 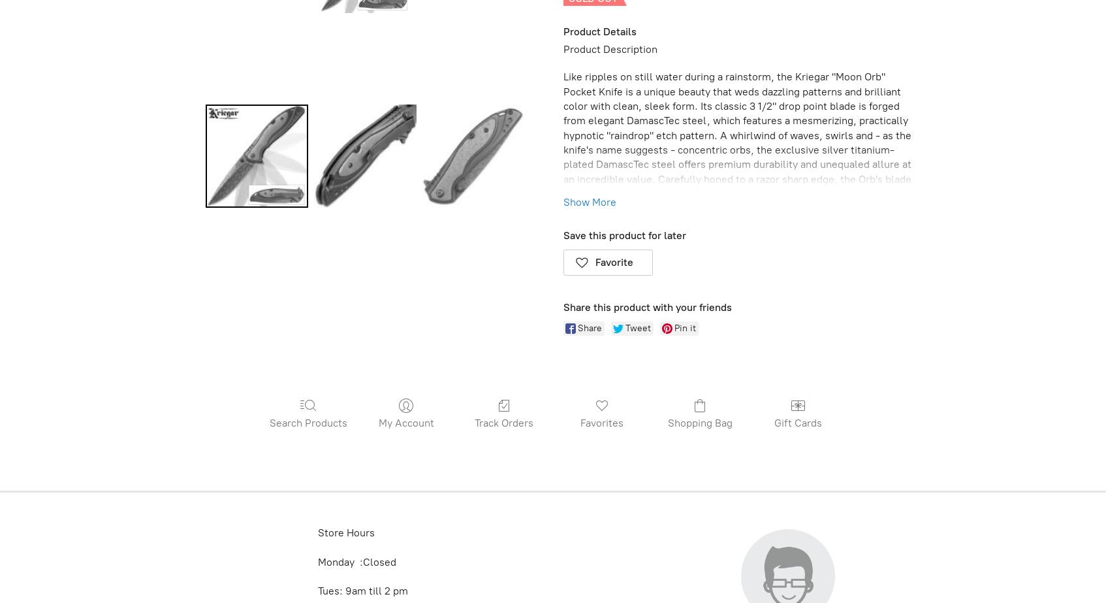 I want to click on 'Share', so click(x=589, y=327).